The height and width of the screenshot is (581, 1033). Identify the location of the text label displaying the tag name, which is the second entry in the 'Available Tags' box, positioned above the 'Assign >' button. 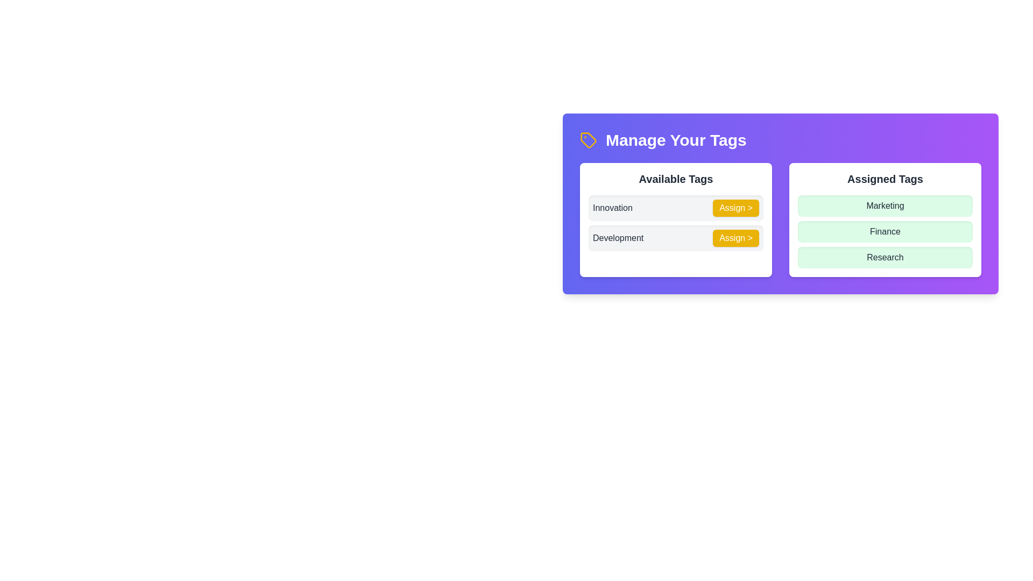
(618, 238).